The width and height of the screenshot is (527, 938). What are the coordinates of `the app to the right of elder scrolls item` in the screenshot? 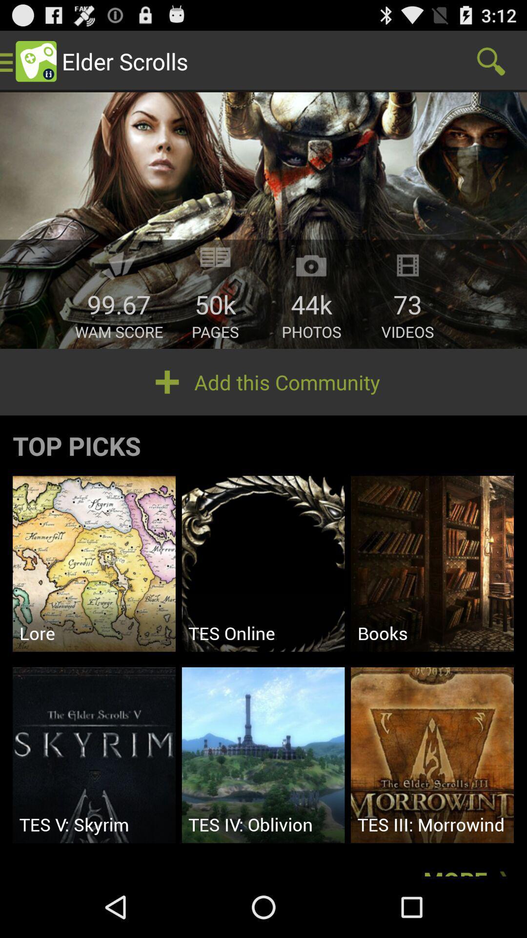 It's located at (491, 61).